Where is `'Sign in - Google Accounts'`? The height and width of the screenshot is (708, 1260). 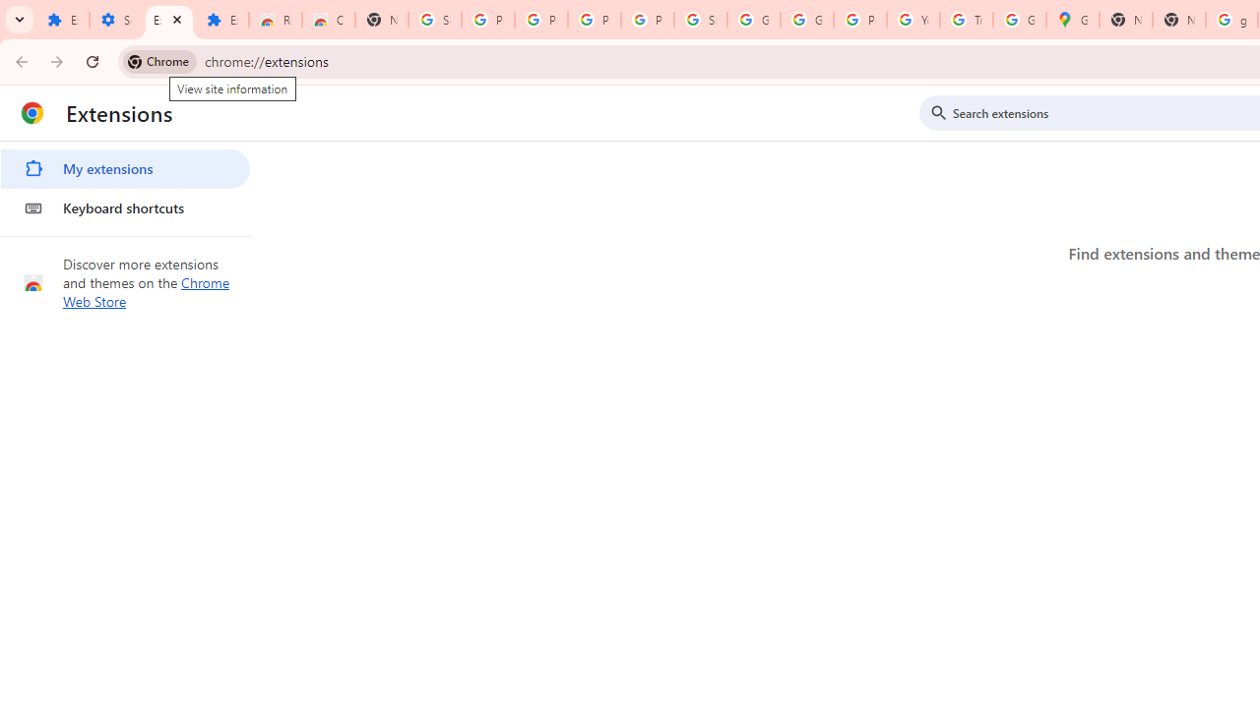 'Sign in - Google Accounts' is located at coordinates (433, 20).